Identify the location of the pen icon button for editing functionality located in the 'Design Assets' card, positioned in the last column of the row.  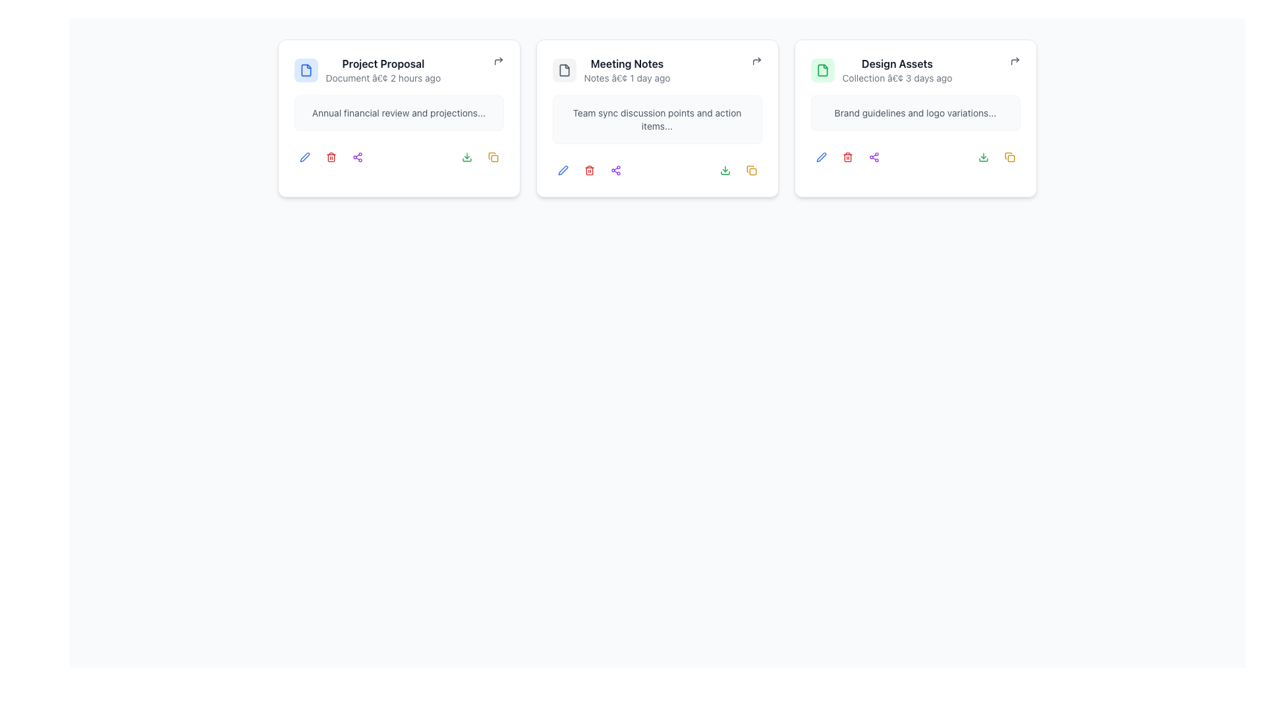
(820, 157).